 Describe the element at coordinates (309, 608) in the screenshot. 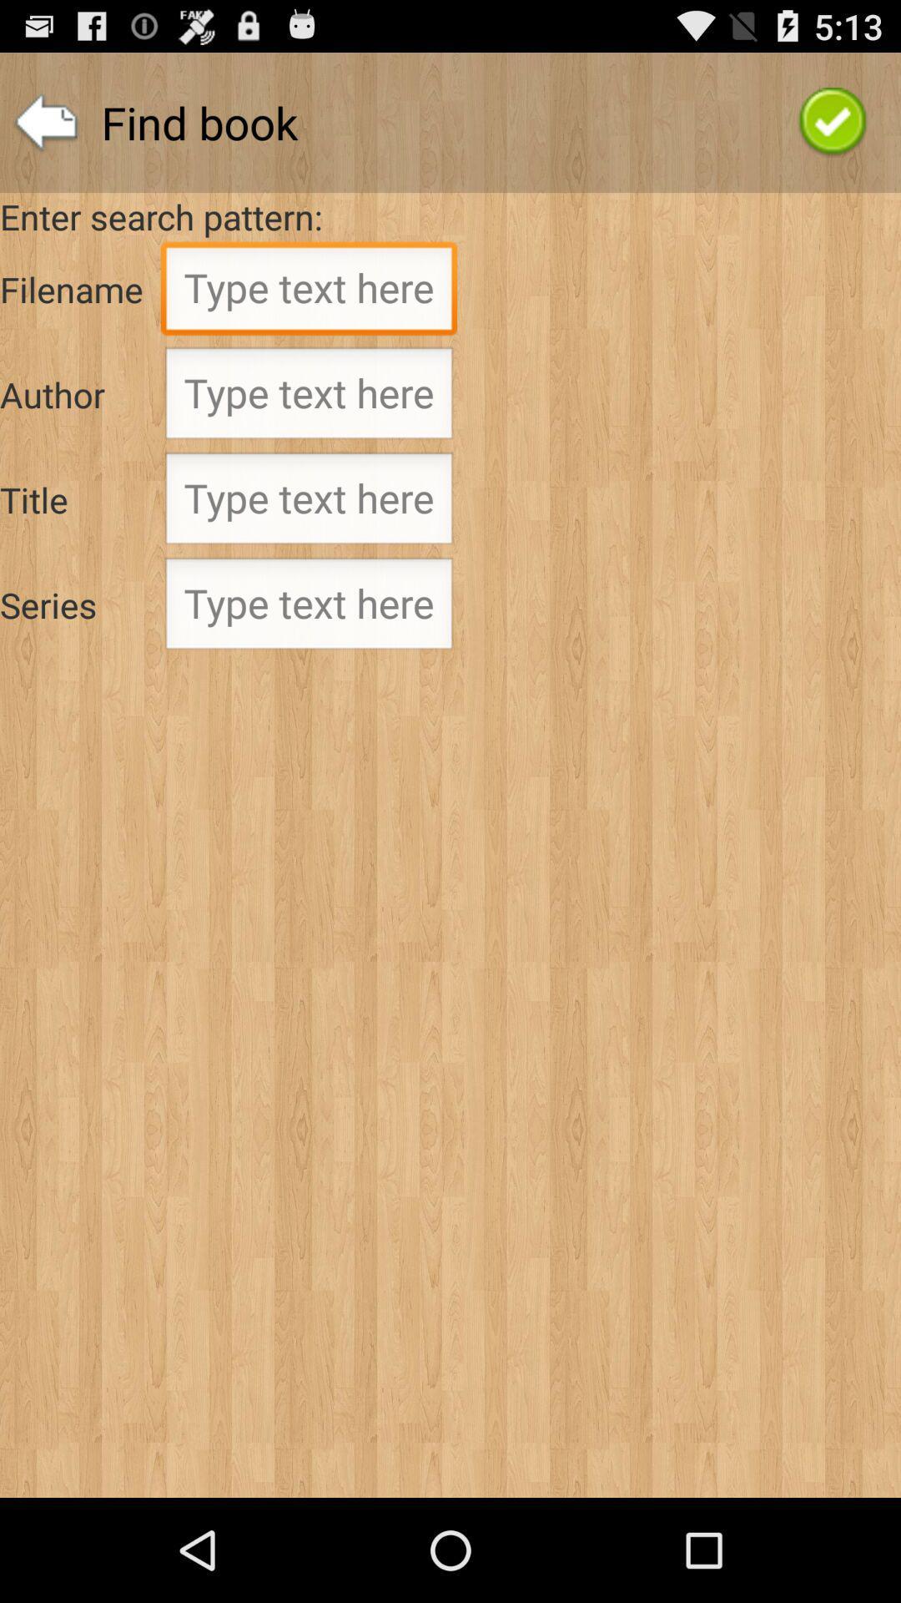

I see `series text entry field` at that location.